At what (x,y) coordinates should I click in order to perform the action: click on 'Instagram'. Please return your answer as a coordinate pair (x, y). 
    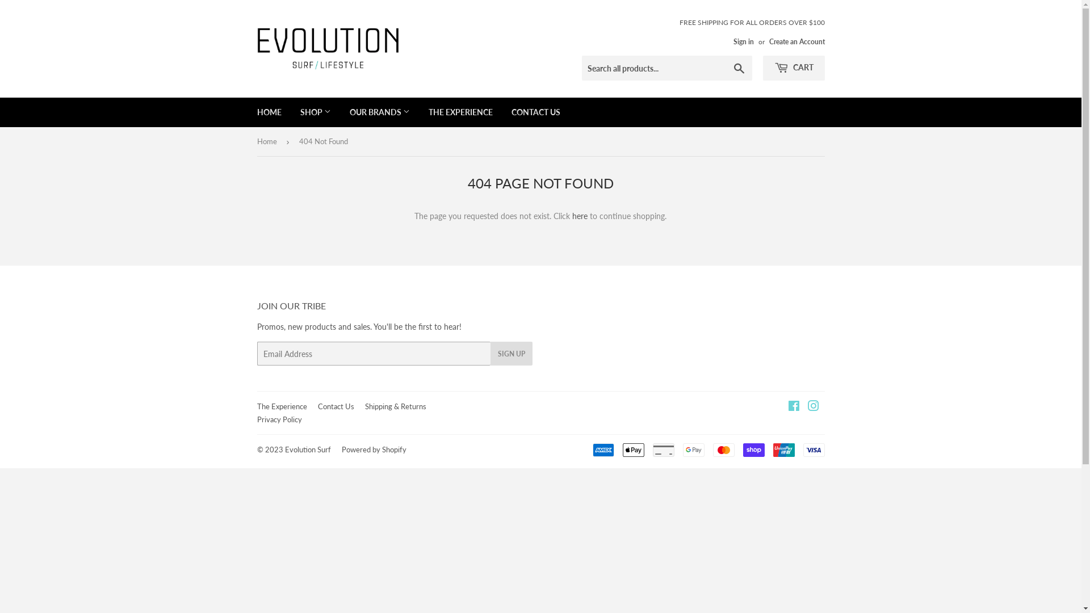
    Looking at the image, I should click on (812, 406).